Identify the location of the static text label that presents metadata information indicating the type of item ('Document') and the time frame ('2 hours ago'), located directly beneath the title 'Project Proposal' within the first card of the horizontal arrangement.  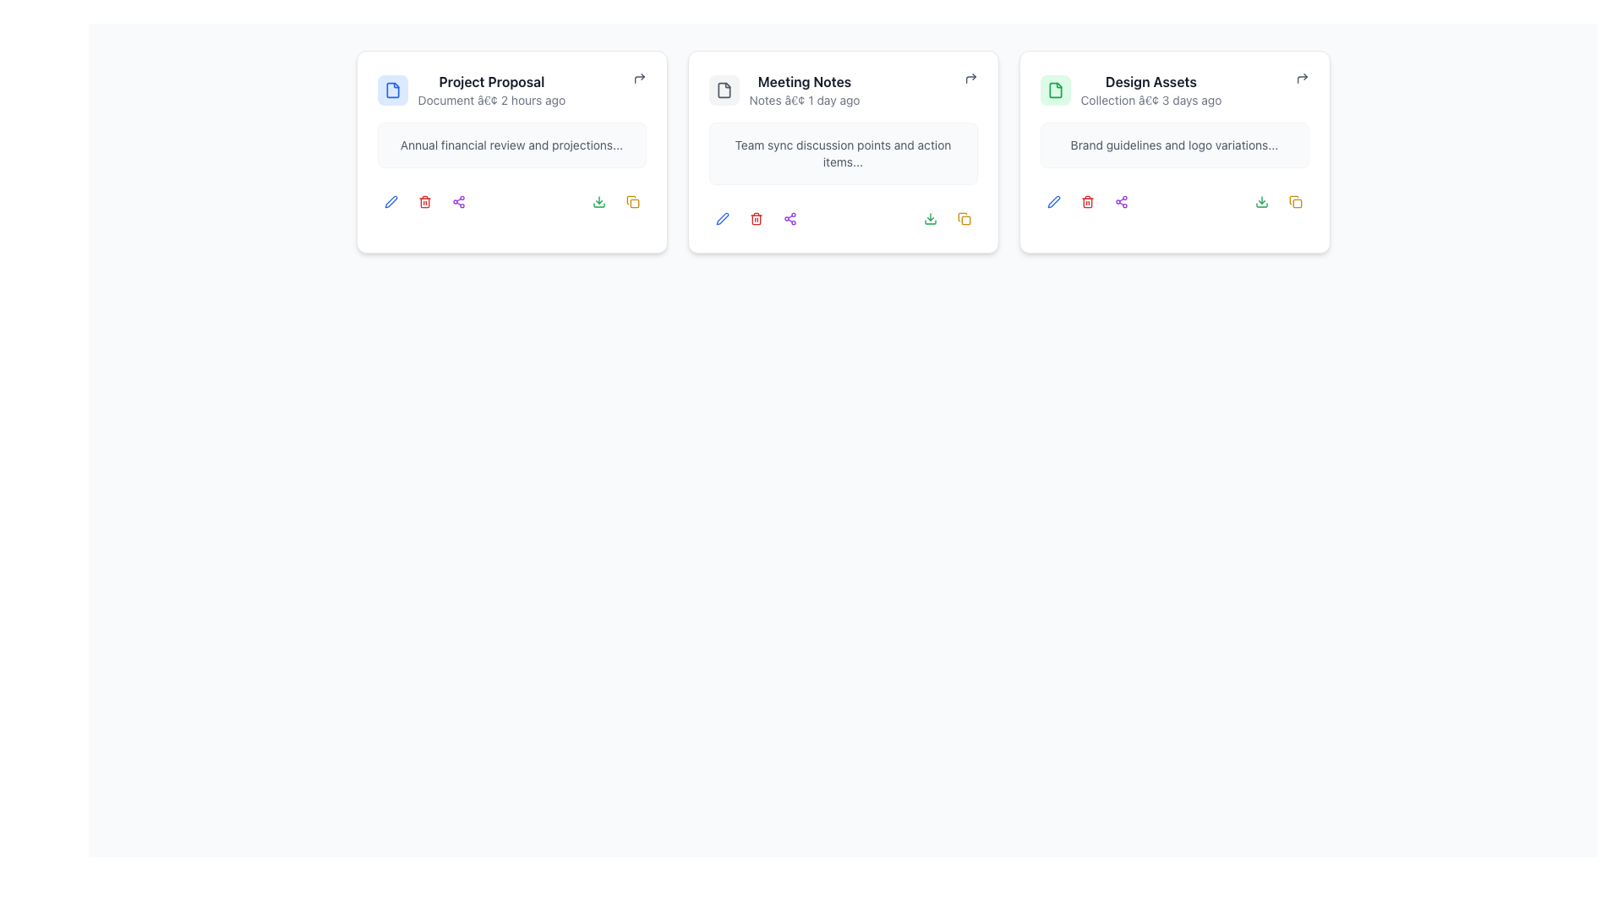
(490, 101).